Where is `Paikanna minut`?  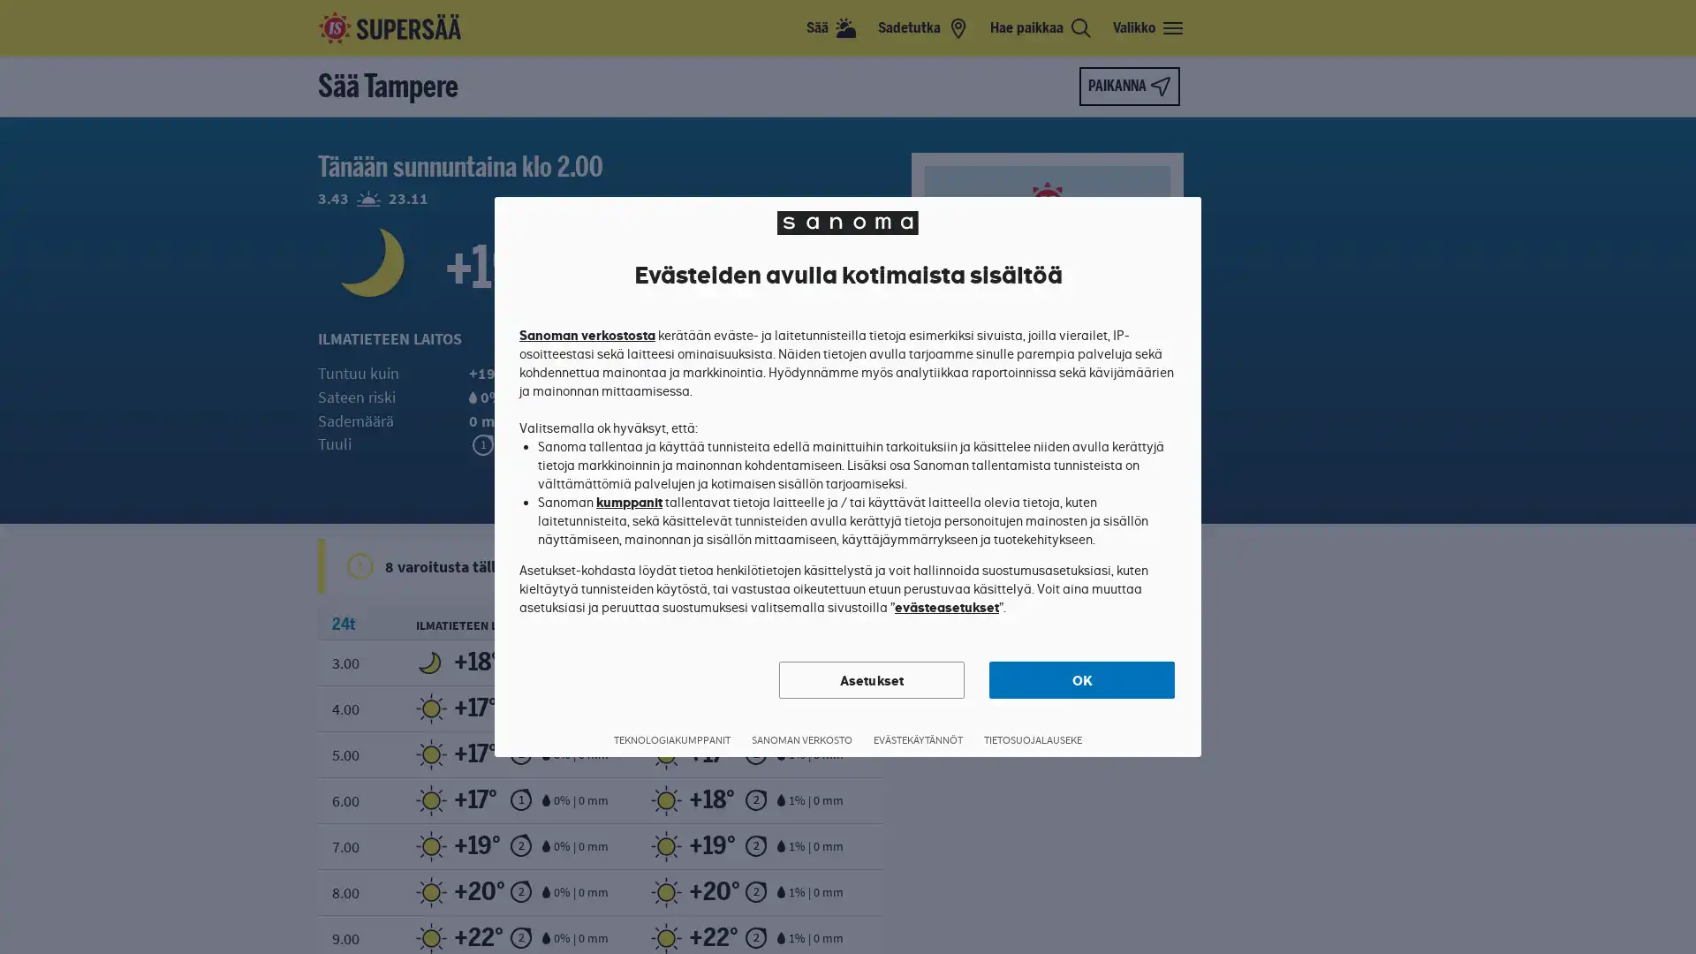 Paikanna minut is located at coordinates (1128, 86).